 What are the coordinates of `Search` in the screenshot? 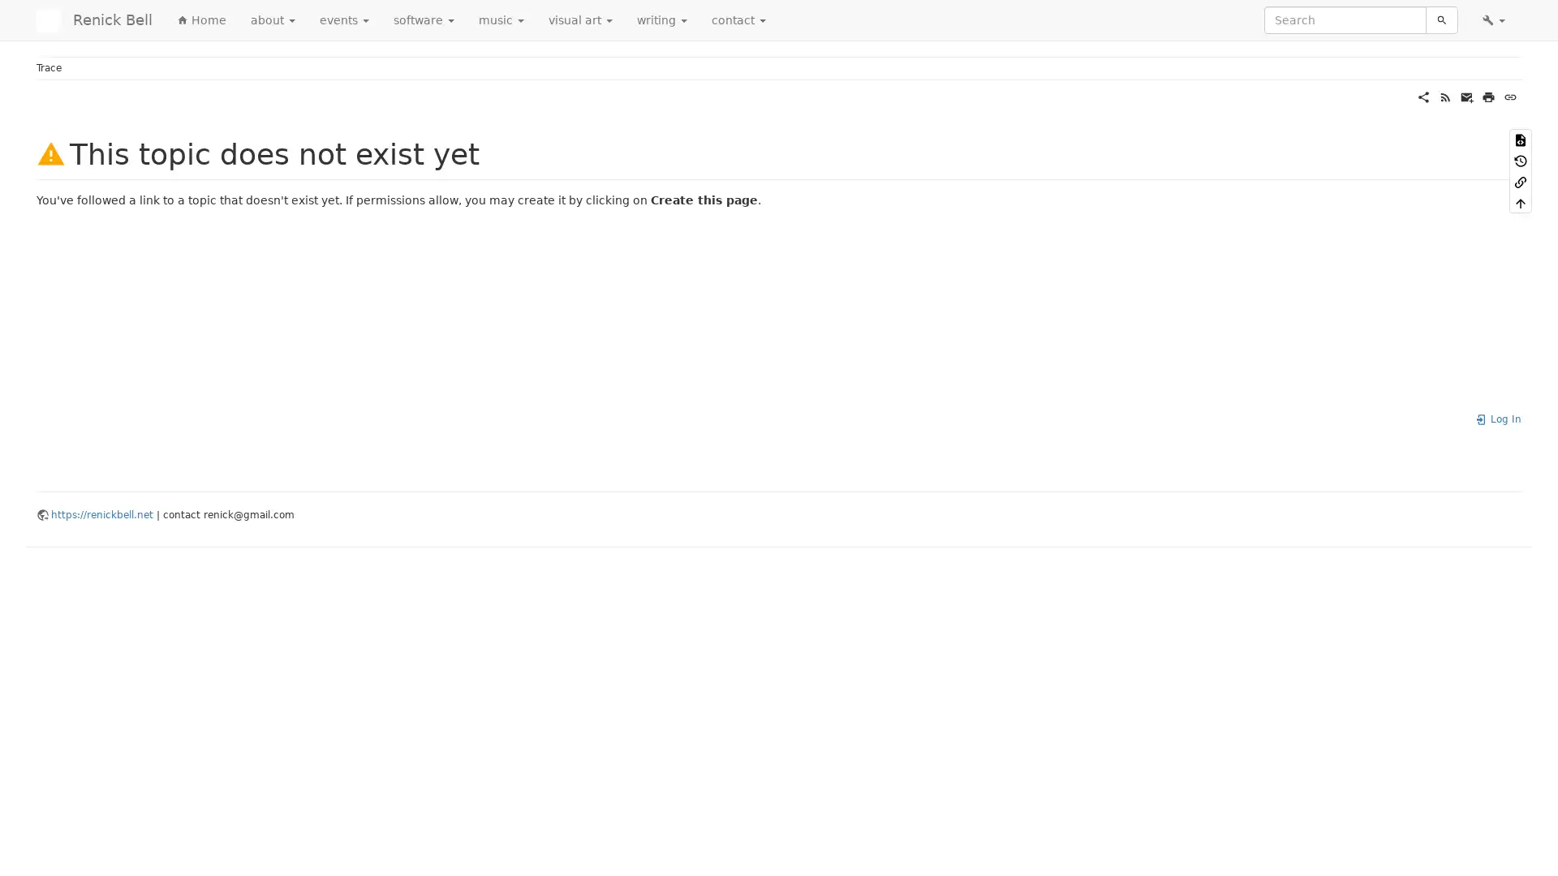 It's located at (1441, 19).